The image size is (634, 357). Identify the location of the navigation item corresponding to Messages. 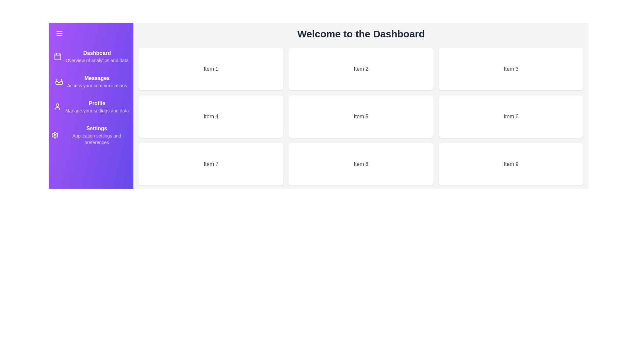
(90, 81).